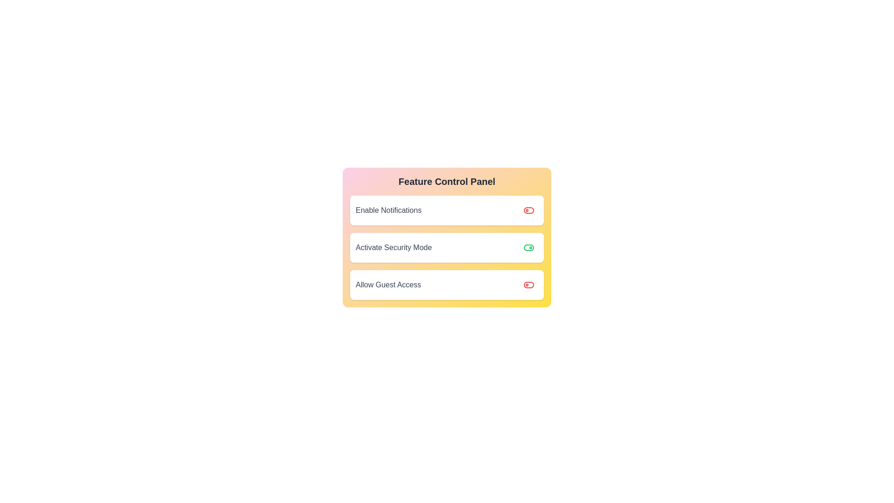 Image resolution: width=894 pixels, height=503 pixels. I want to click on the label text that describes the functionality of the toggle button, located in the first row of the vertically stacked list in the feature control panel, so click(388, 210).